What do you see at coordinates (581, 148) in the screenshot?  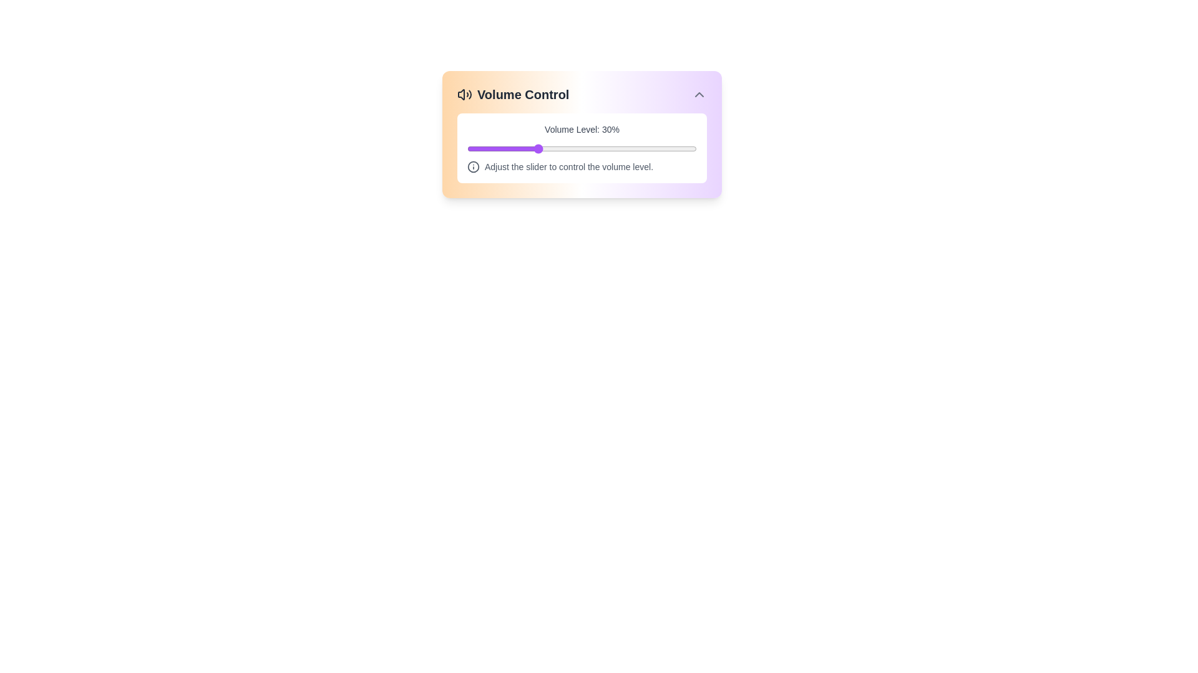 I see `the volume slider to set the volume to 50%` at bounding box center [581, 148].